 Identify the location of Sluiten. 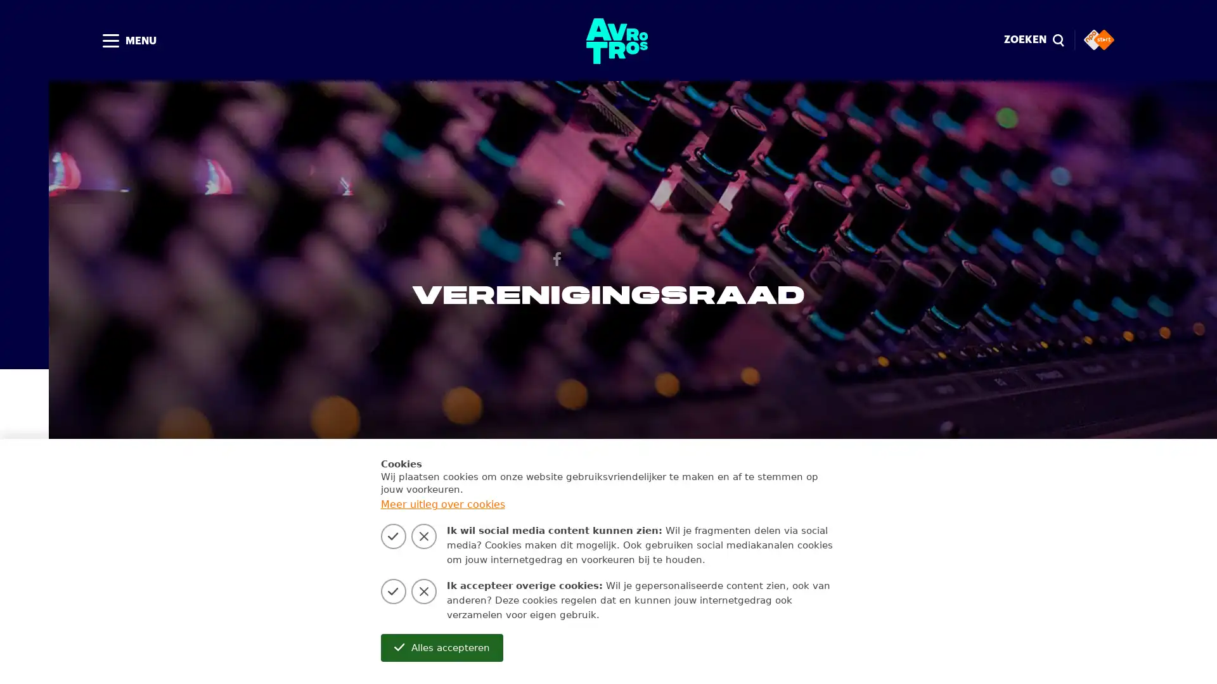
(1059, 41).